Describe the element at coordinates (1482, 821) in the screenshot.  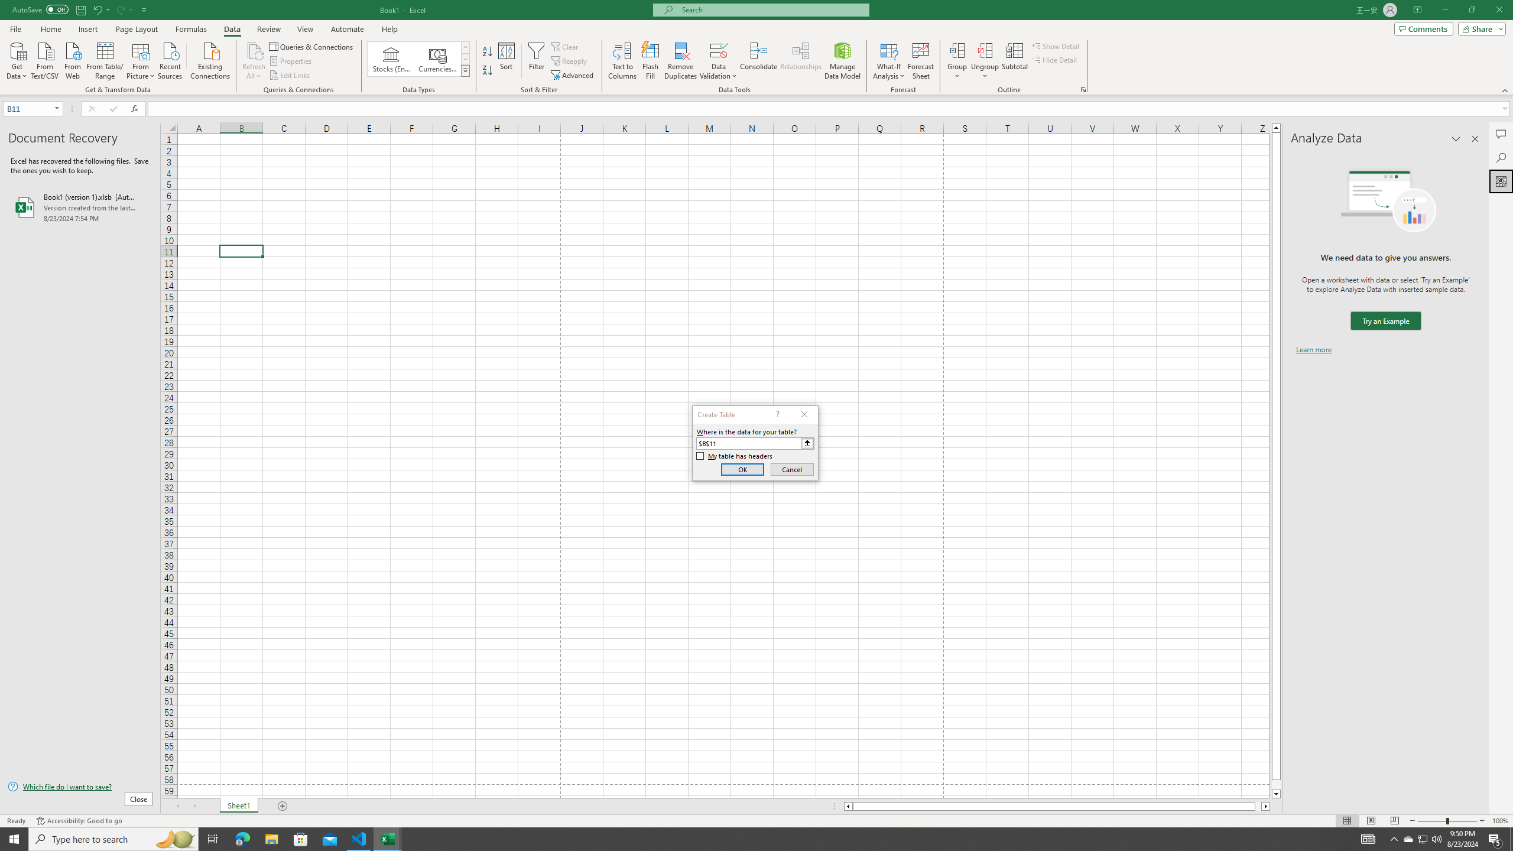
I see `'Zoom In'` at that location.